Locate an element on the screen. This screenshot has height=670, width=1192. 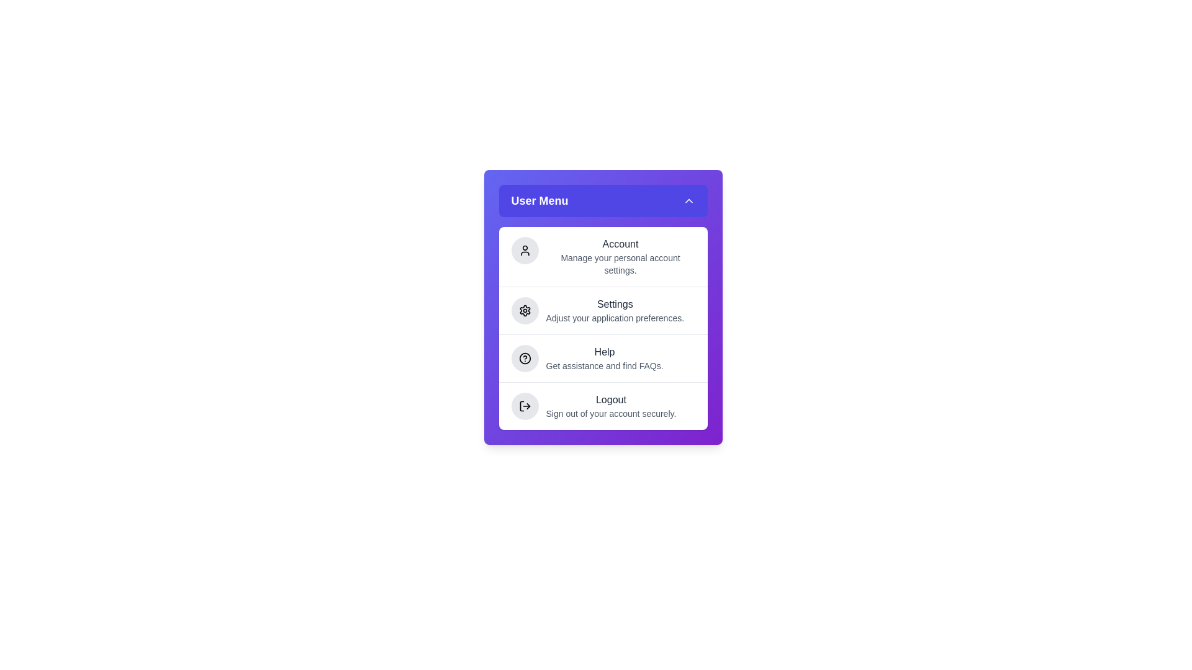
the icon associated with Settings is located at coordinates (525, 310).